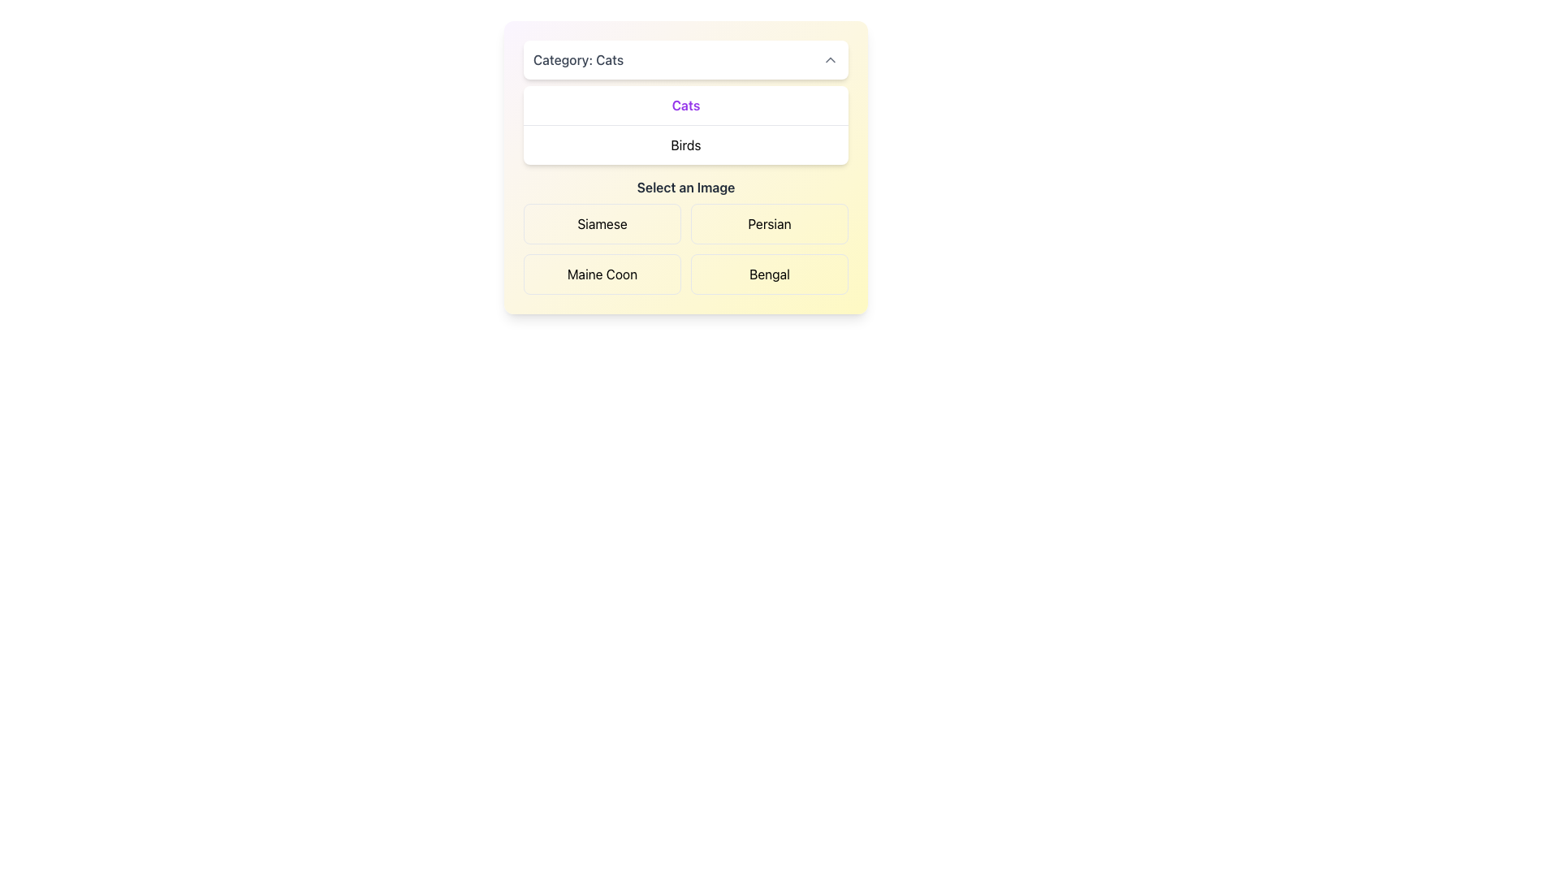  What do you see at coordinates (830, 58) in the screenshot?
I see `the upward-pointing chevron button in the top-right corner of the 'Category: Cats' header` at bounding box center [830, 58].